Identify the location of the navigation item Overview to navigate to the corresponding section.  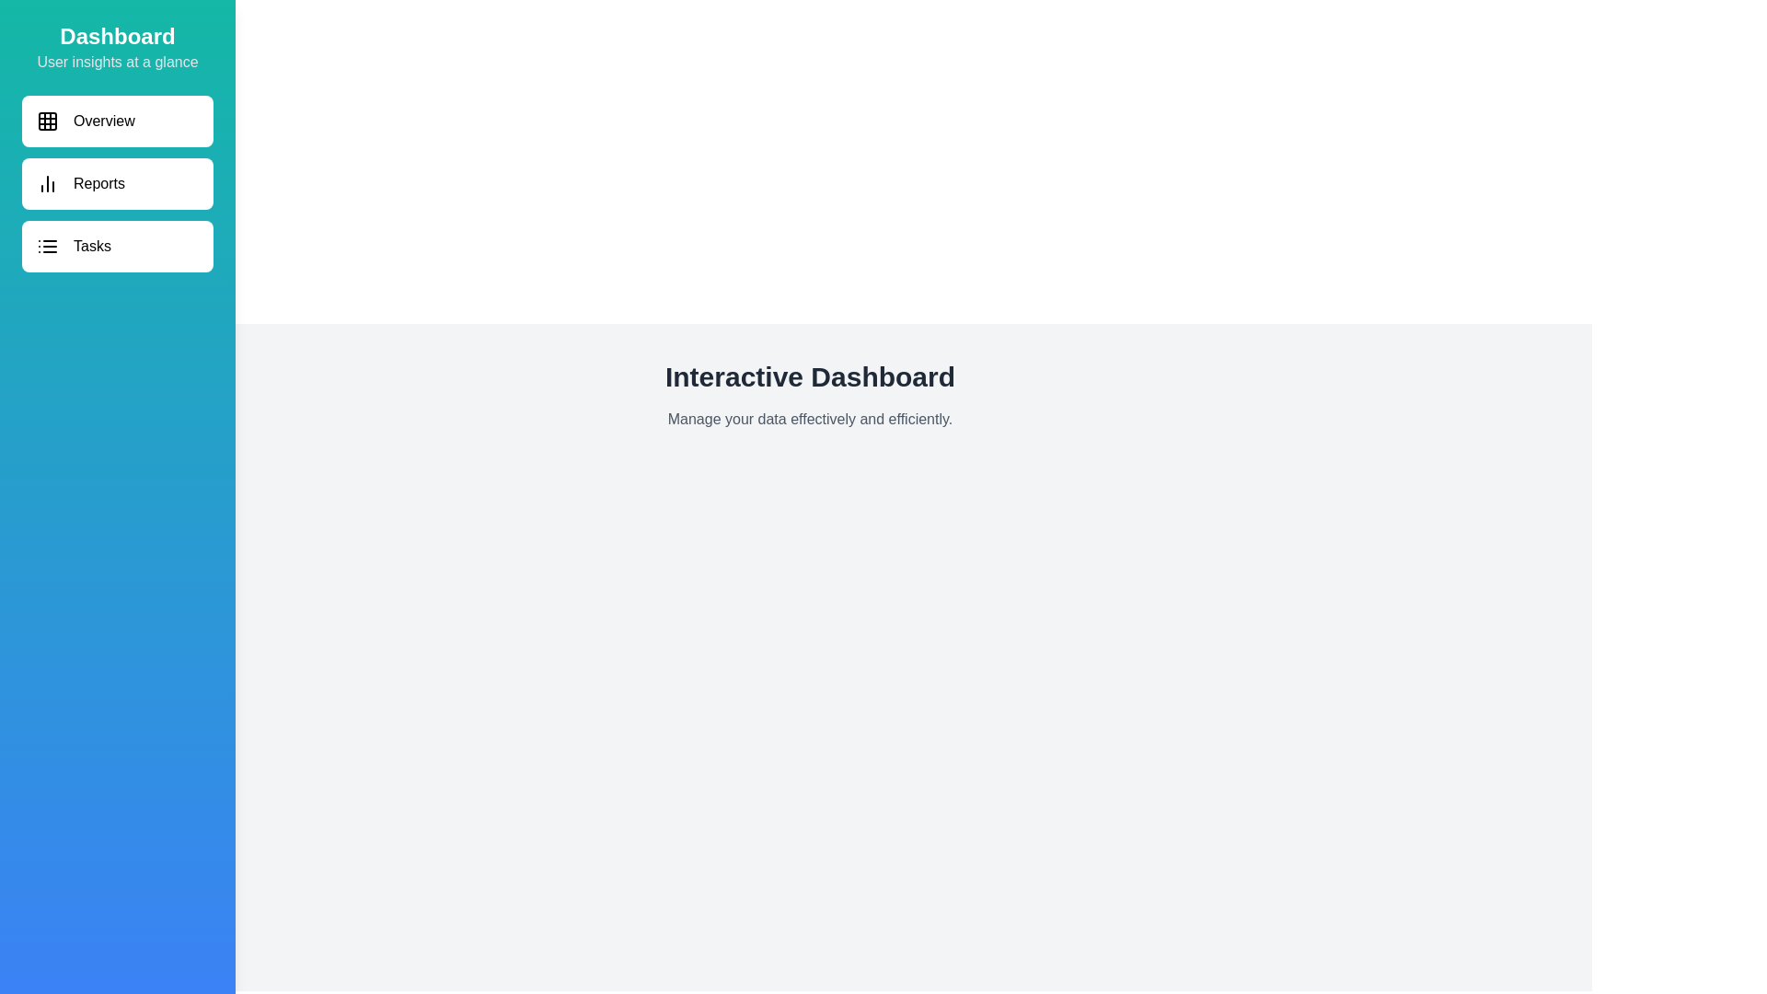
(117, 121).